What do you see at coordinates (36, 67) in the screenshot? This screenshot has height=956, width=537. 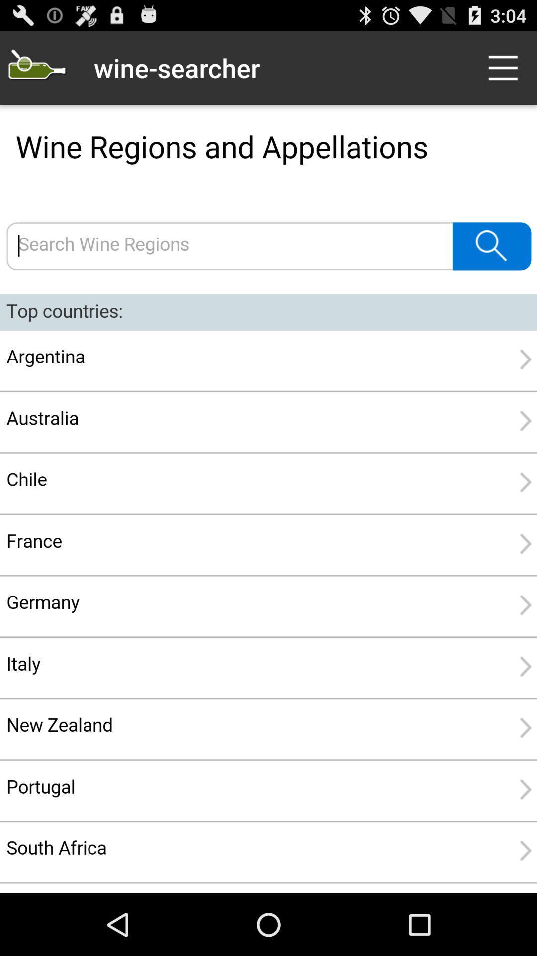 I see `home` at bounding box center [36, 67].